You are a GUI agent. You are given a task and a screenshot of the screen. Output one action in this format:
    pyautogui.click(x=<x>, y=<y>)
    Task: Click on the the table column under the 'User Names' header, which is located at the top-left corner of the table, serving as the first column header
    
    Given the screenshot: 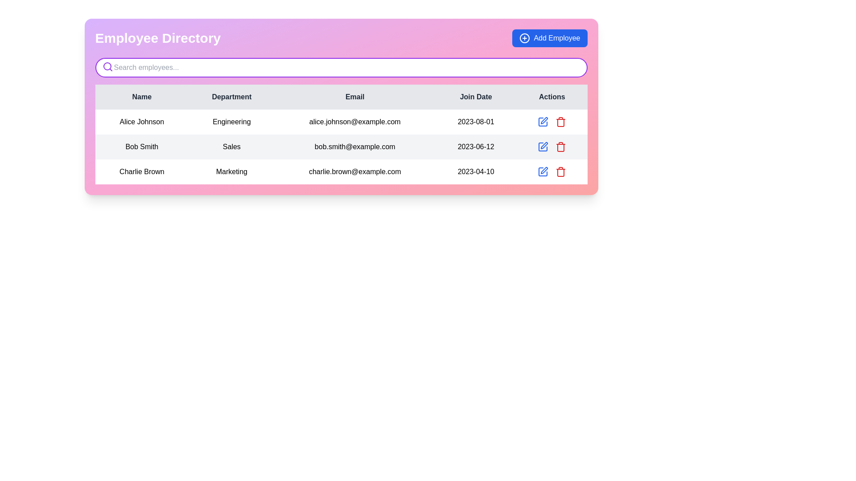 What is the action you would take?
    pyautogui.click(x=141, y=97)
    